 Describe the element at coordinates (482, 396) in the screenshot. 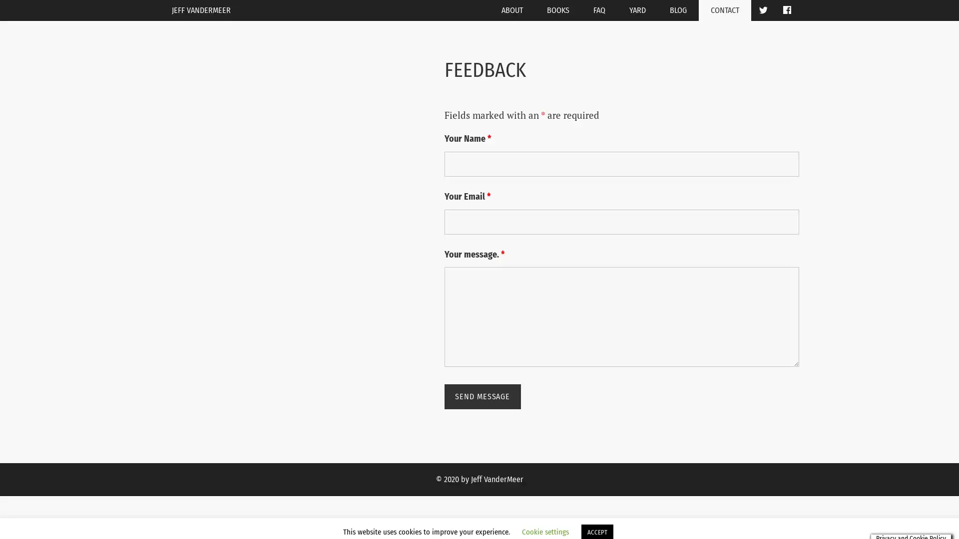

I see `Send Message` at that location.